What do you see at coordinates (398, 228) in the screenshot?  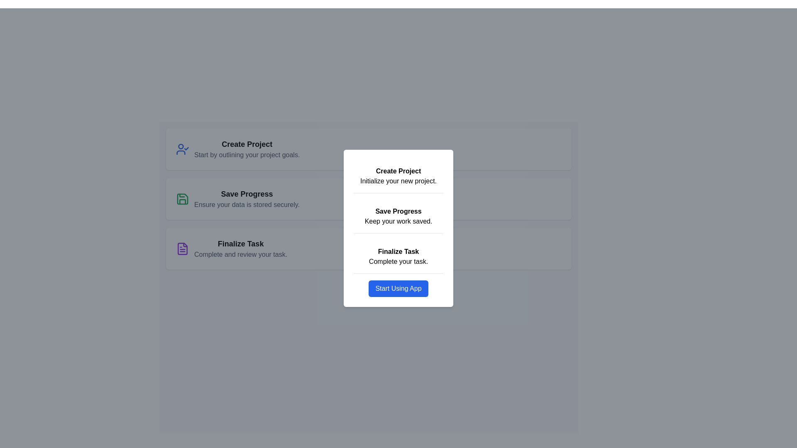 I see `the 'Create Project' modal dialog, which contains headings and subtexts about project initialization and task finalization, with a button labeled 'Start Using App'` at bounding box center [398, 228].